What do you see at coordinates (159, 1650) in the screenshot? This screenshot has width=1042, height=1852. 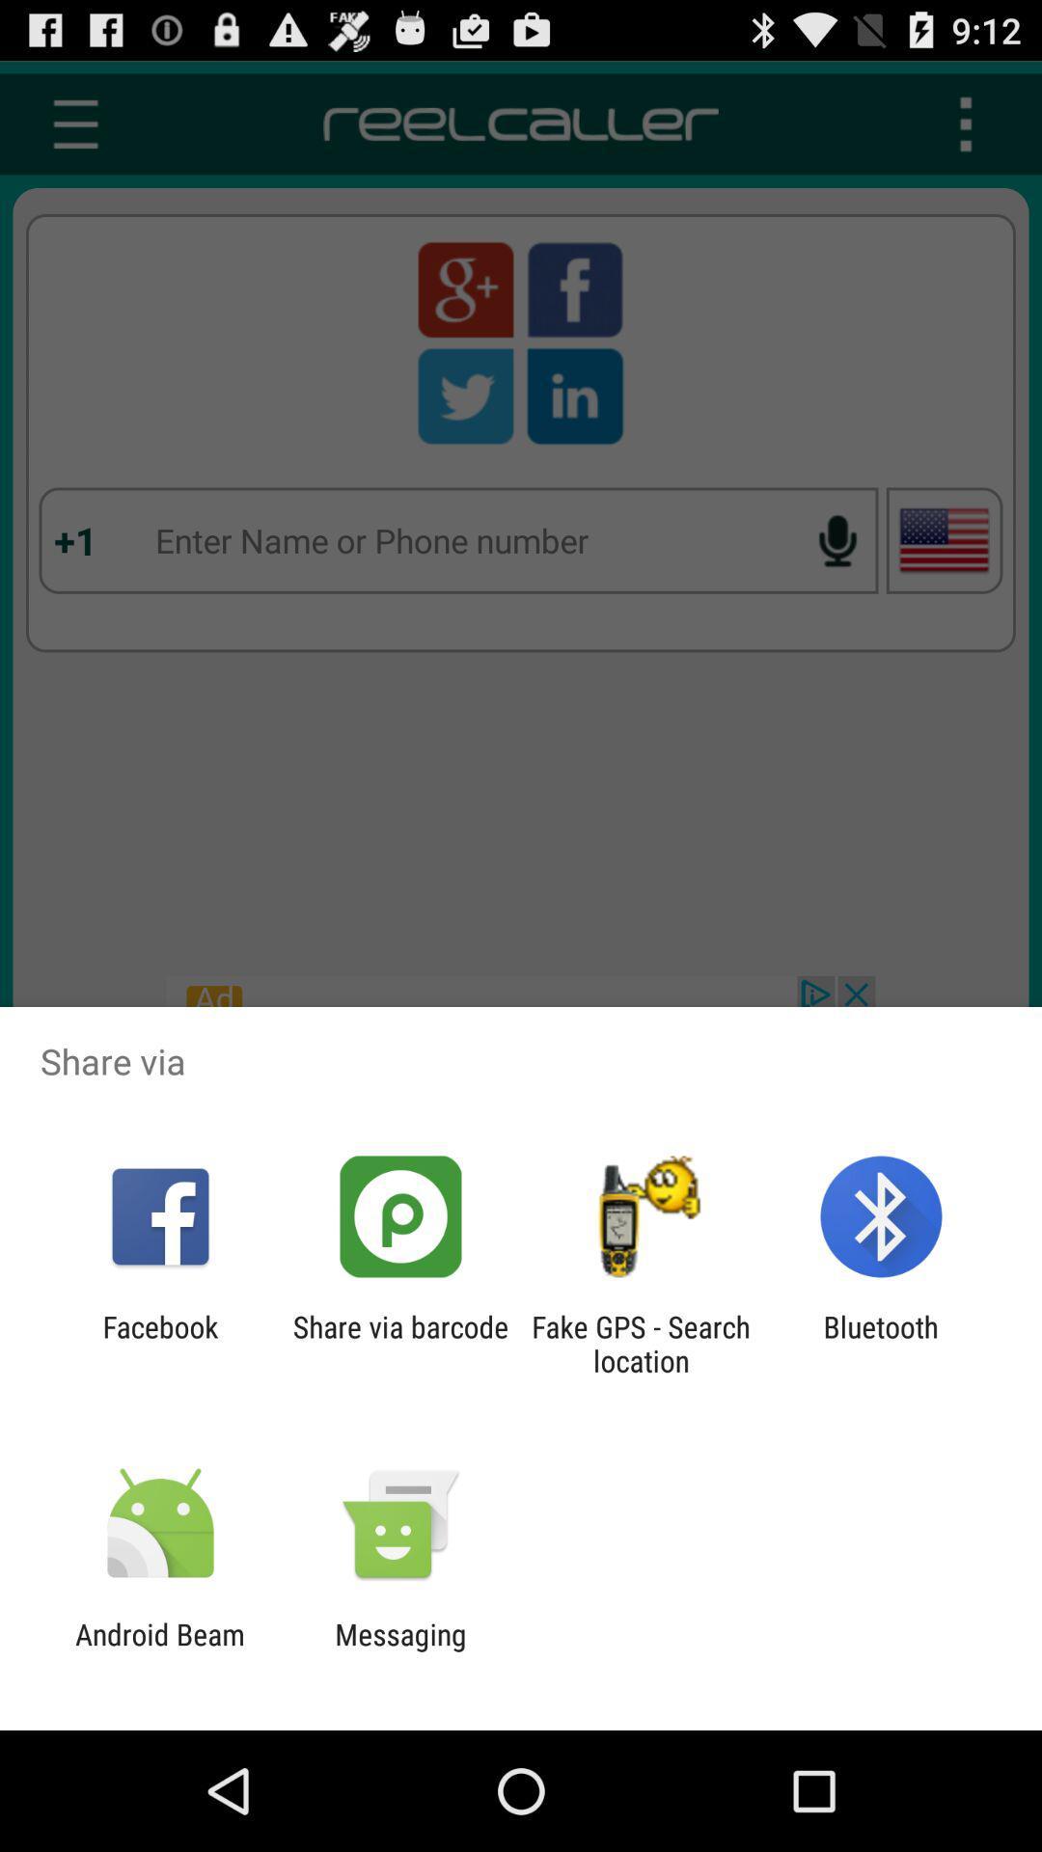 I see `the android beam item` at bounding box center [159, 1650].